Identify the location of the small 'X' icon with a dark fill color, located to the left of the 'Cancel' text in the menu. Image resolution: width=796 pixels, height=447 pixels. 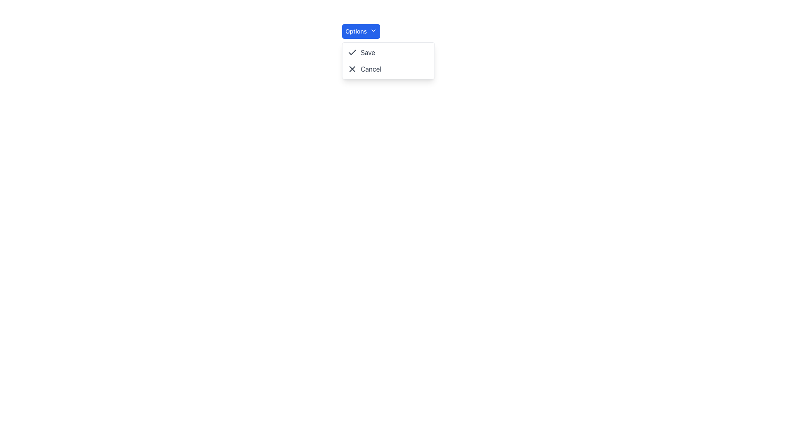
(352, 68).